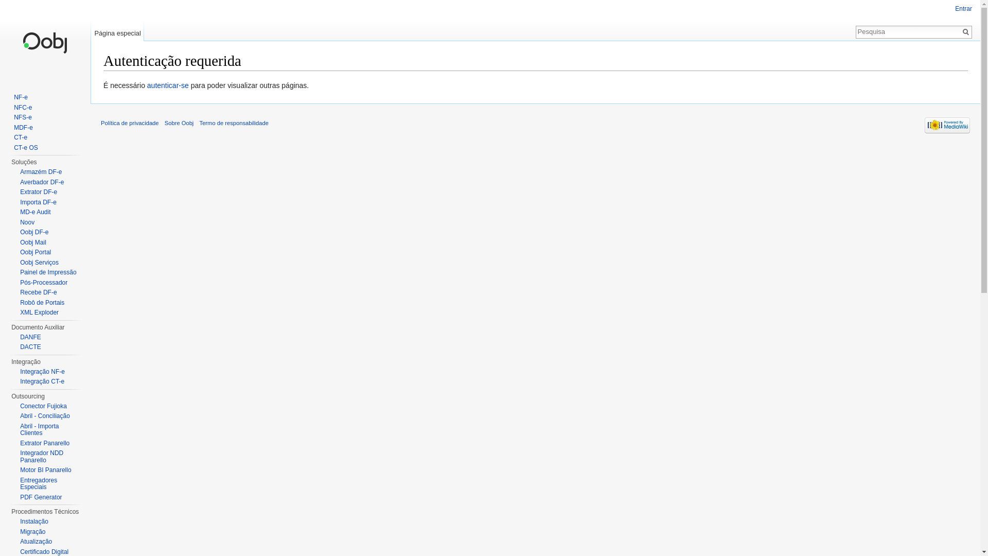  Describe the element at coordinates (30, 337) in the screenshot. I see `'DANFE'` at that location.